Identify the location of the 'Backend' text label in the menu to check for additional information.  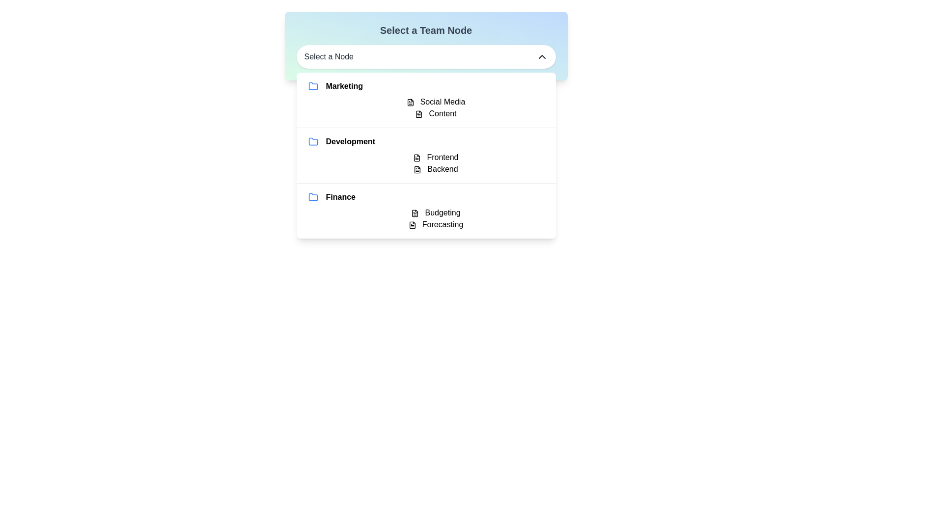
(435, 168).